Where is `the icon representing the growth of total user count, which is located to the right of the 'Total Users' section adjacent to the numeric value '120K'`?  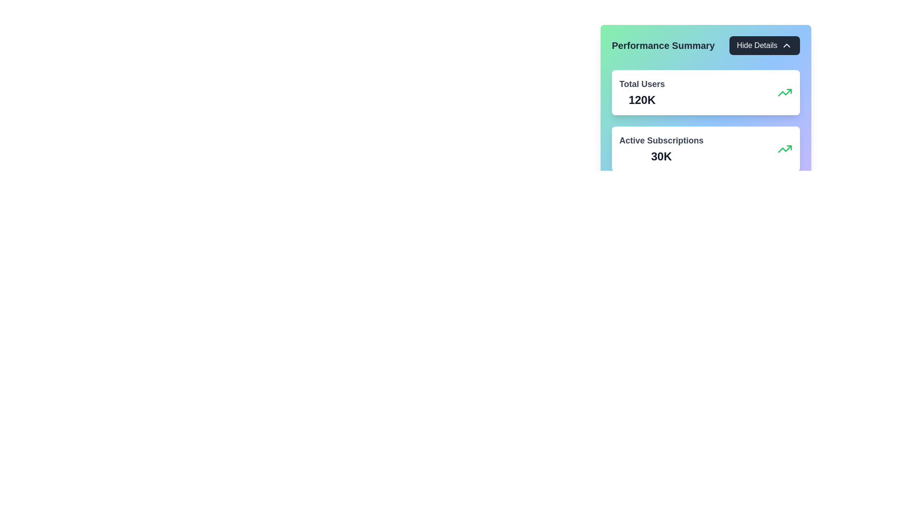
the icon representing the growth of total user count, which is located to the right of the 'Total Users' section adjacent to the numeric value '120K' is located at coordinates (785, 148).